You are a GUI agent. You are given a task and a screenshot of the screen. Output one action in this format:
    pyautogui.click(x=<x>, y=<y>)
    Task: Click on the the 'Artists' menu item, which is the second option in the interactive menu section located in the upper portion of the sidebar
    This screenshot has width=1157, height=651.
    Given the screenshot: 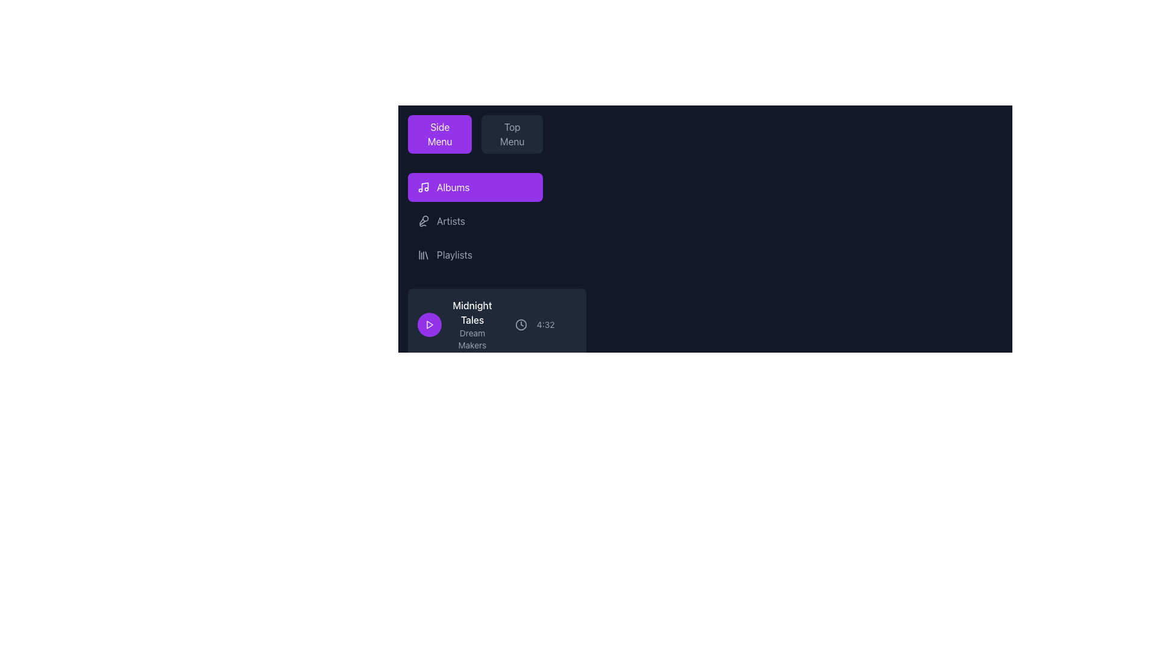 What is the action you would take?
    pyautogui.click(x=474, y=221)
    